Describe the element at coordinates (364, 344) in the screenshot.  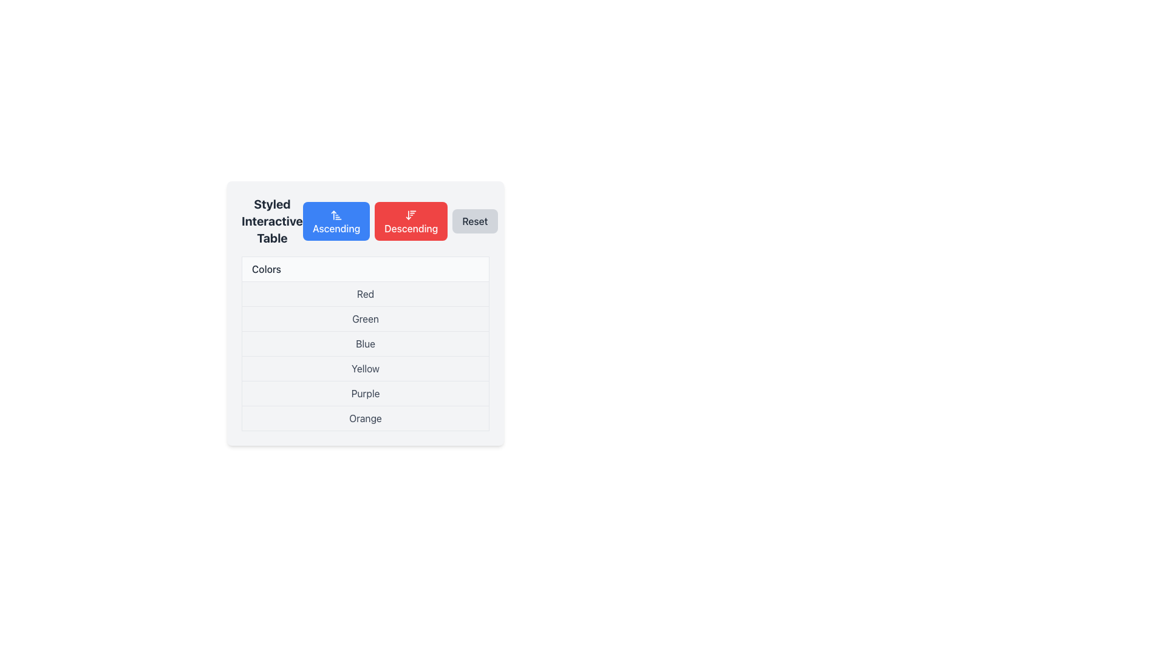
I see `the text element displaying the color name 'Blue', which is the third item in the list of color names` at that location.